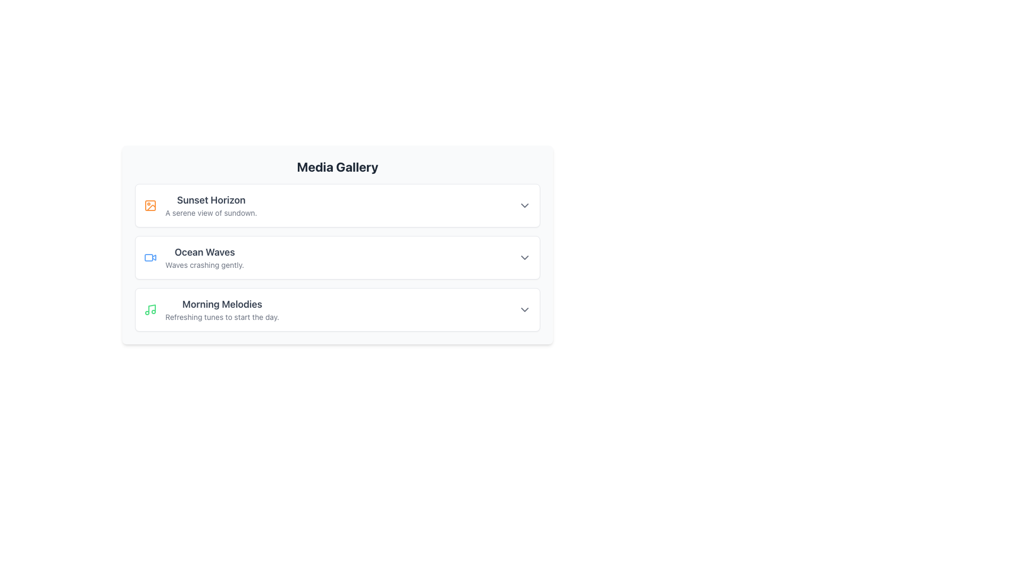 This screenshot has width=1021, height=574. Describe the element at coordinates (337, 258) in the screenshot. I see `the dropdown indicator of the 'Ocean Waves' media gallery item` at that location.